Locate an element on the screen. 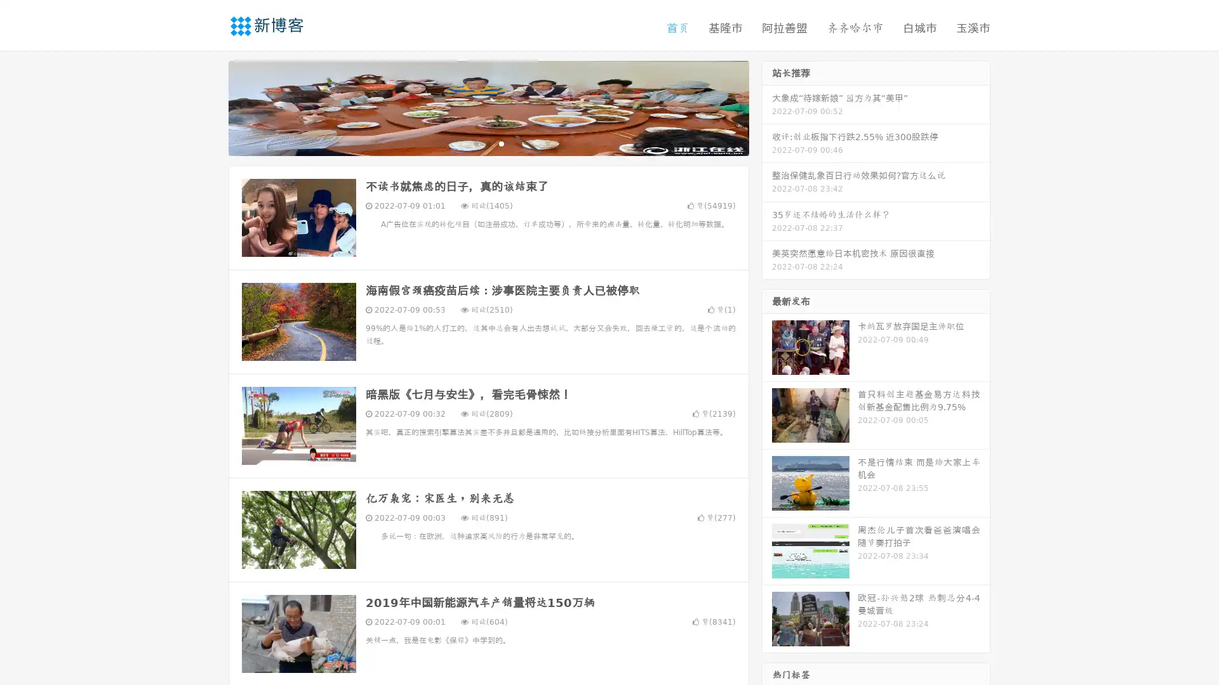 The height and width of the screenshot is (685, 1219). Go to slide 1 is located at coordinates (475, 143).